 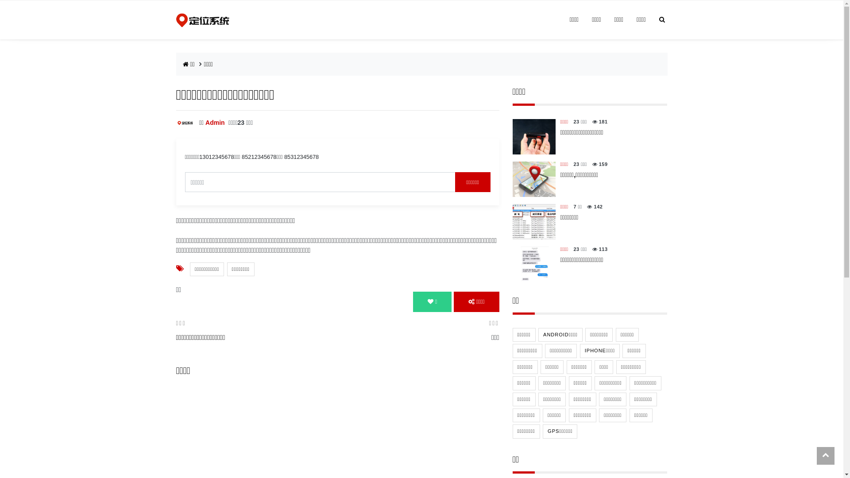 What do you see at coordinates (215, 123) in the screenshot?
I see `'Admin'` at bounding box center [215, 123].